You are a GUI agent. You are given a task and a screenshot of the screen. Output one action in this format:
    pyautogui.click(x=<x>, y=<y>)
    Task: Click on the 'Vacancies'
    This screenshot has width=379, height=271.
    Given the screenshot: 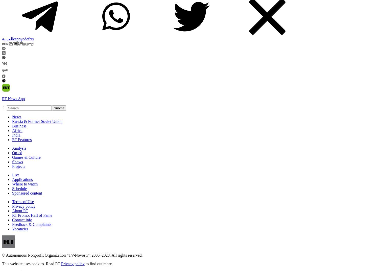 What is the action you would take?
    pyautogui.click(x=20, y=228)
    